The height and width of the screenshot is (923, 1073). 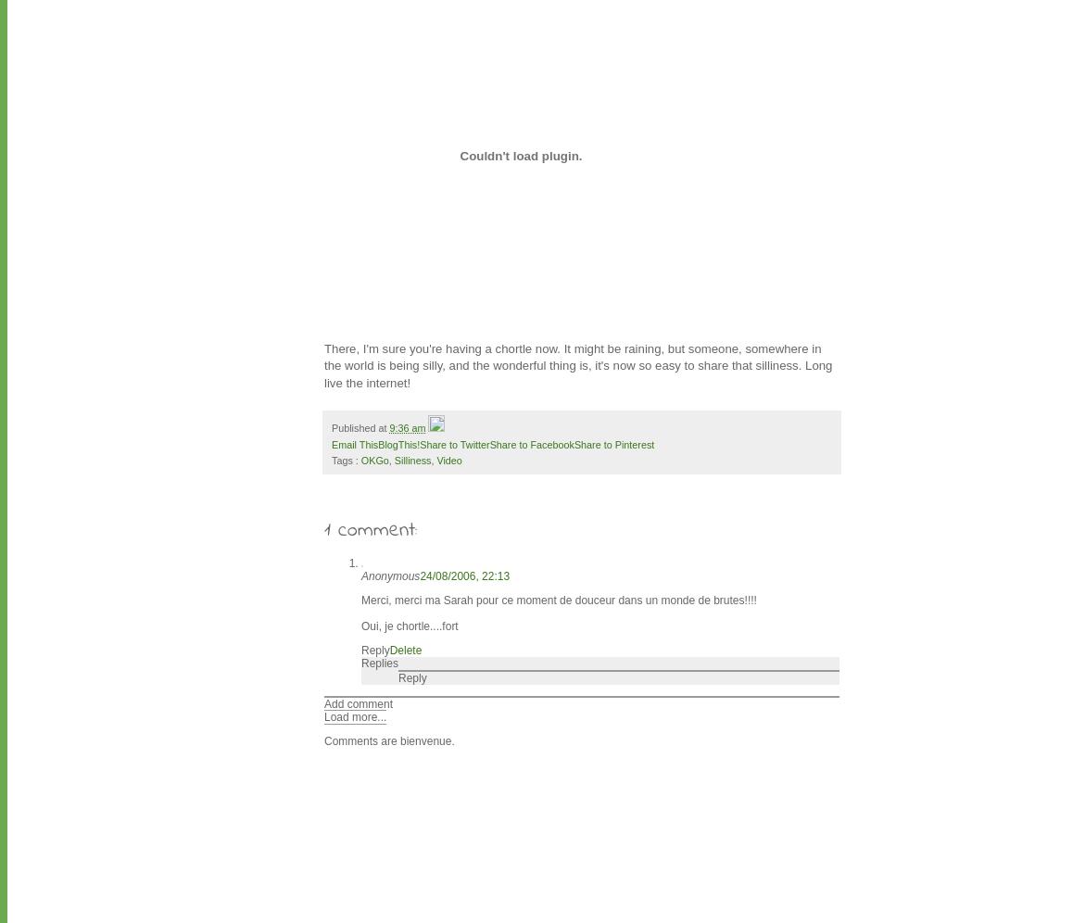 I want to click on 'Video', so click(x=448, y=459).